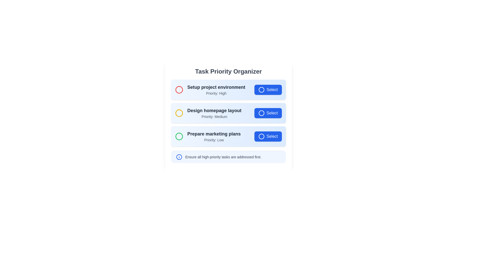 The width and height of the screenshot is (488, 274). What do you see at coordinates (228, 113) in the screenshot?
I see `the second card in the vertical list, which has a gradient blue background and contains a yellow circular icon, text details 'Design homepage layout' and 'Priority: Medium', and a blue button labeled 'Select'` at bounding box center [228, 113].